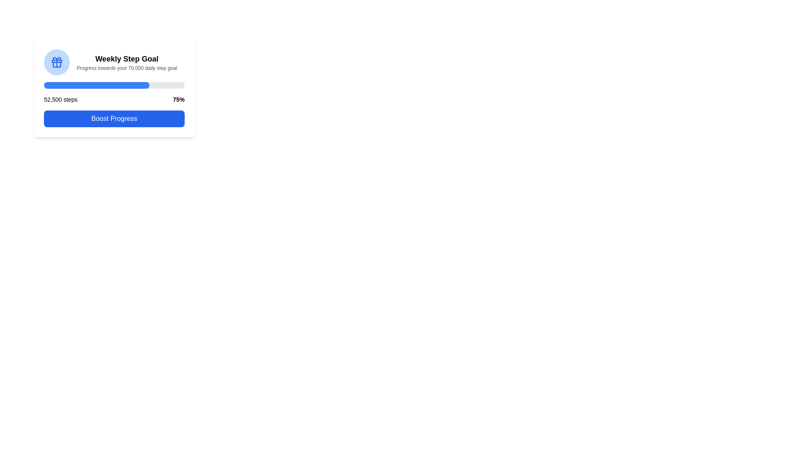  Describe the element at coordinates (126, 67) in the screenshot. I see `information displayed in the text label that shows 'Progress towards your 70,000 daily step goal', located below the 'Weekly Step Goal' heading` at that location.